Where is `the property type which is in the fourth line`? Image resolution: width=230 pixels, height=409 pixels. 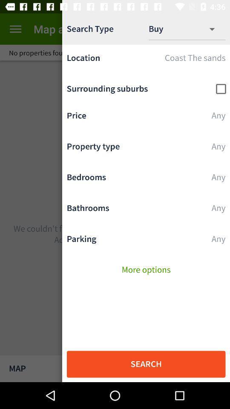
the property type which is in the fourth line is located at coordinates (146, 148).